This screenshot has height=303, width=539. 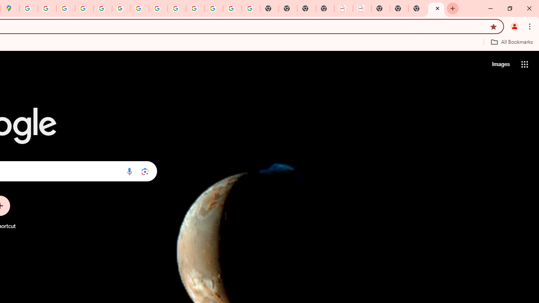 I want to click on 'Privacy Help Center - Policies Help', so click(x=65, y=8).